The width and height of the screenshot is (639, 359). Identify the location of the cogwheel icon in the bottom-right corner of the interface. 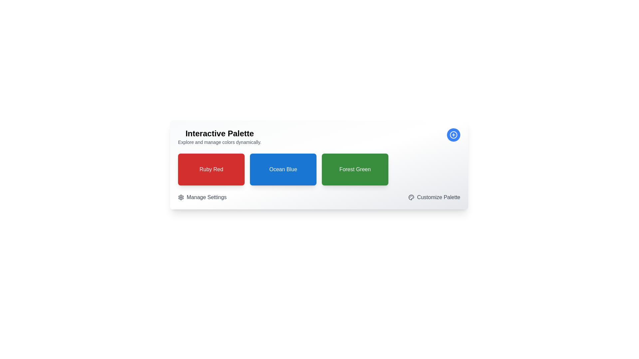
(181, 197).